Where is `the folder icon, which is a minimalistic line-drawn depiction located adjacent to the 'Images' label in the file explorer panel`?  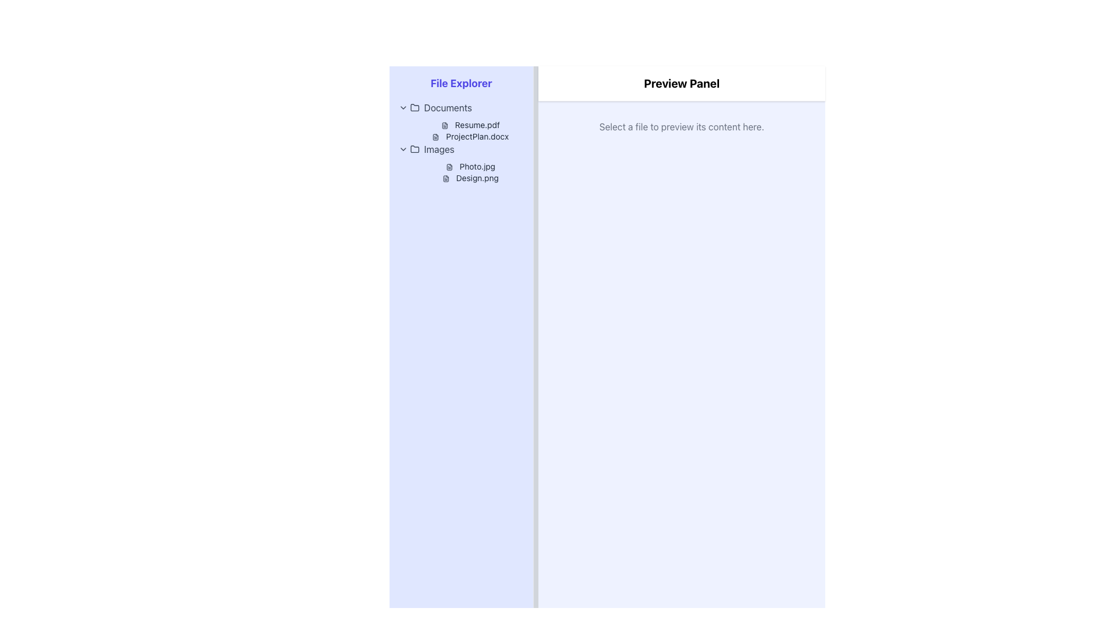 the folder icon, which is a minimalistic line-drawn depiction located adjacent to the 'Images' label in the file explorer panel is located at coordinates (415, 107).